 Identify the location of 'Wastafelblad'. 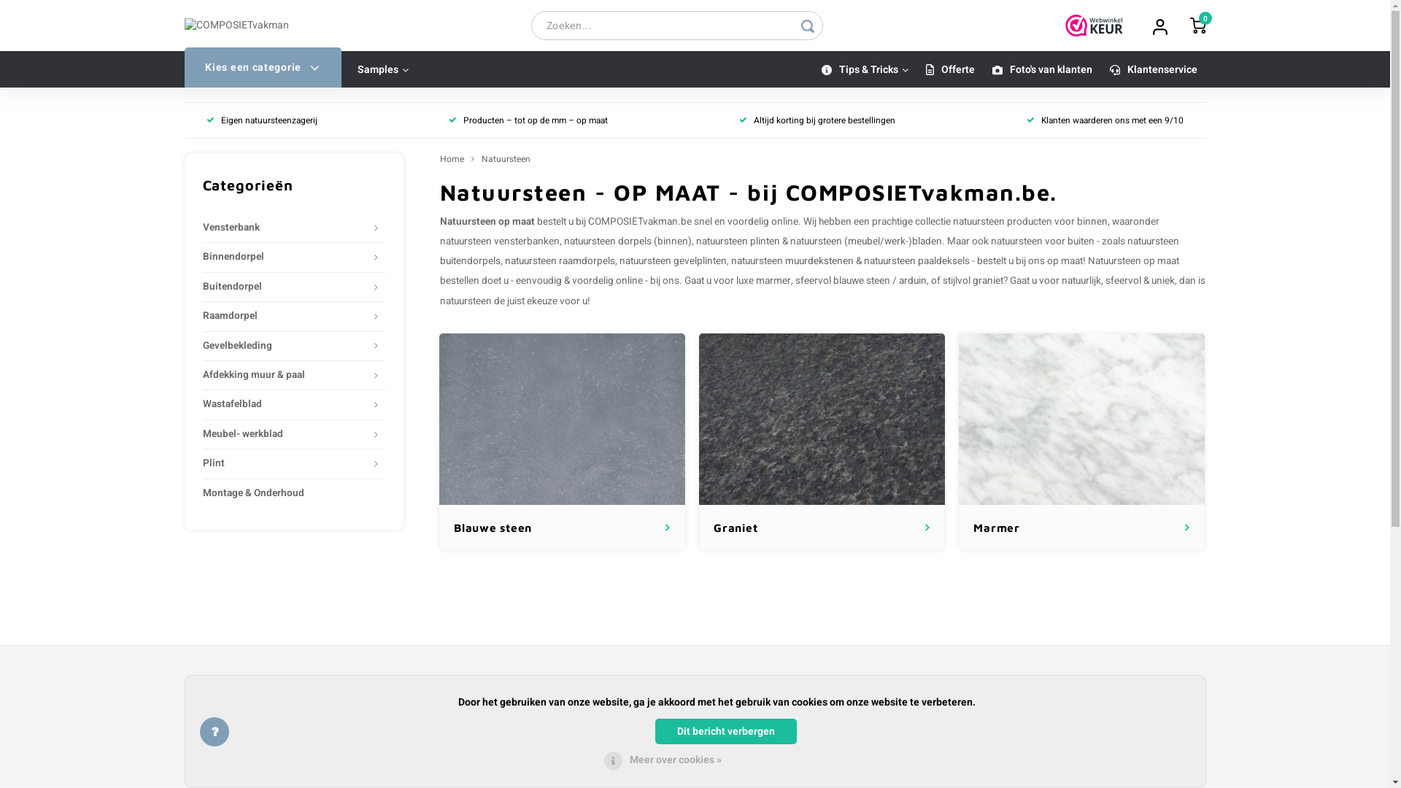
(285, 404).